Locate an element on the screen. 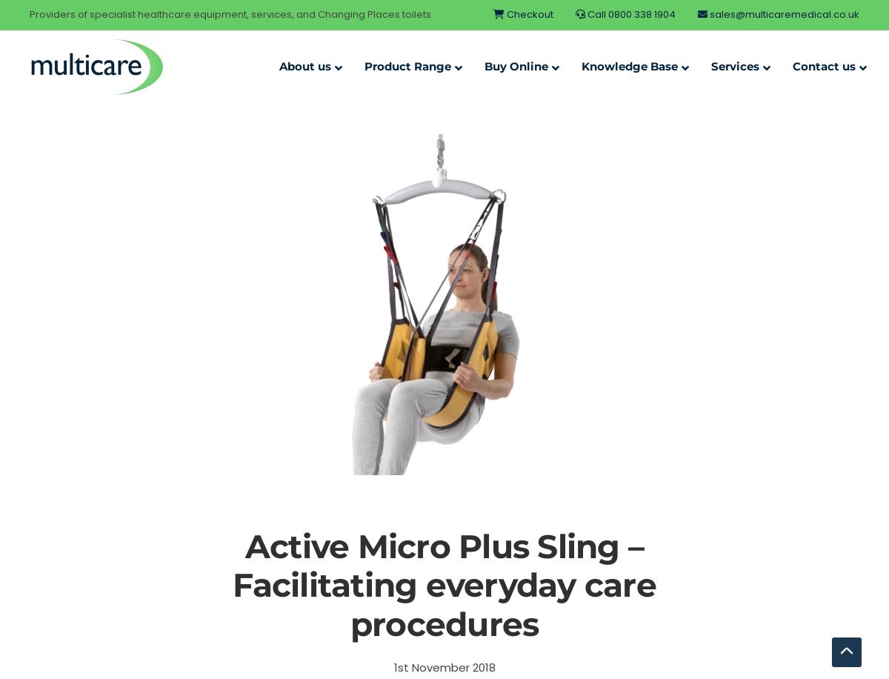 The image size is (889, 679). 'Checkout' is located at coordinates (505, 14).